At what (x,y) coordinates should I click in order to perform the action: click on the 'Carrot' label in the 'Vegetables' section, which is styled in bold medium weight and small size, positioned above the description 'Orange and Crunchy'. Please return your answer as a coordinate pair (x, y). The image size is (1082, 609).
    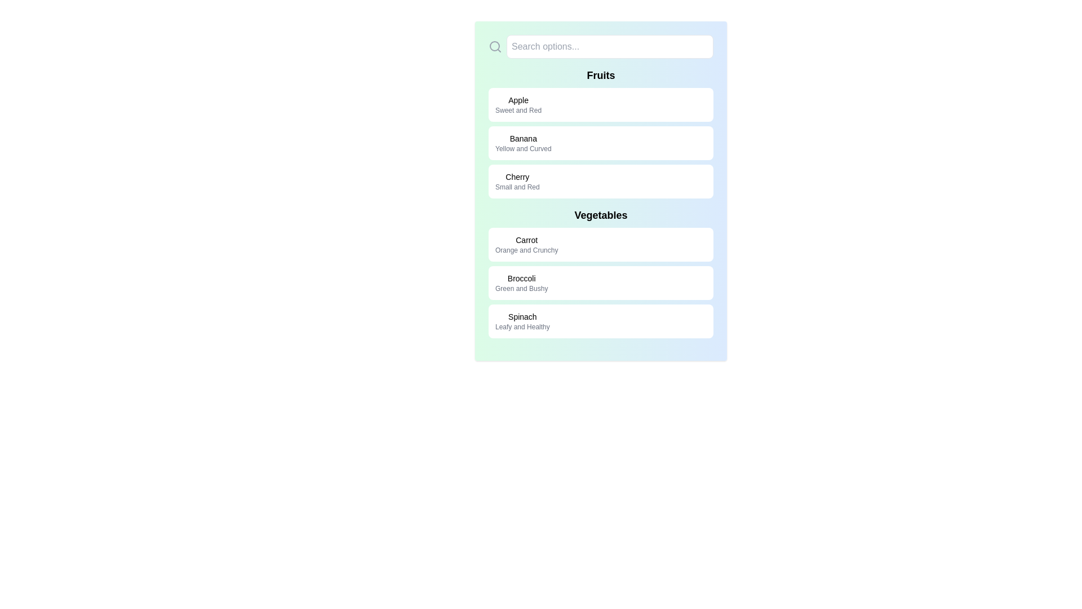
    Looking at the image, I should click on (526, 239).